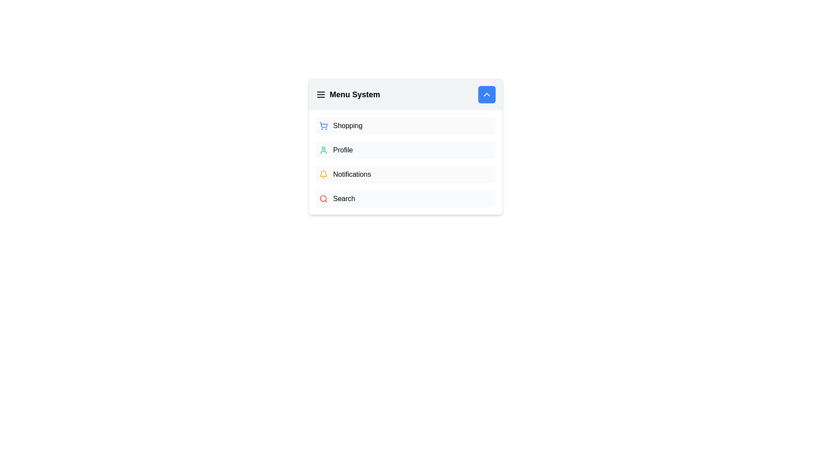 This screenshot has width=834, height=469. What do you see at coordinates (323, 126) in the screenshot?
I see `the blue shopping cart icon at the start of the 'Shopping' menu list item` at bounding box center [323, 126].